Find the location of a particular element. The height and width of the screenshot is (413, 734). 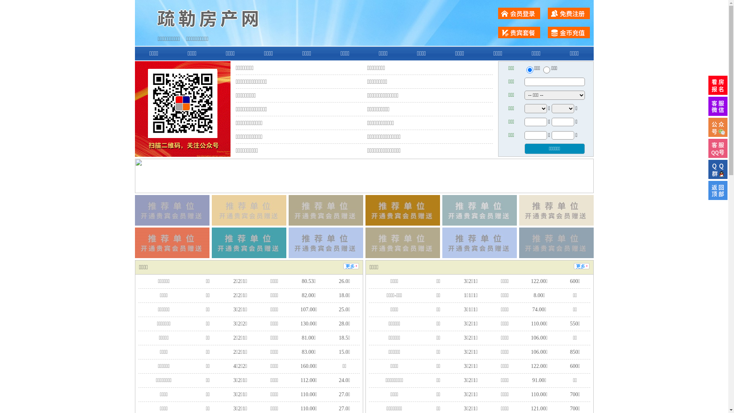

'ershou' is located at coordinates (529, 70).